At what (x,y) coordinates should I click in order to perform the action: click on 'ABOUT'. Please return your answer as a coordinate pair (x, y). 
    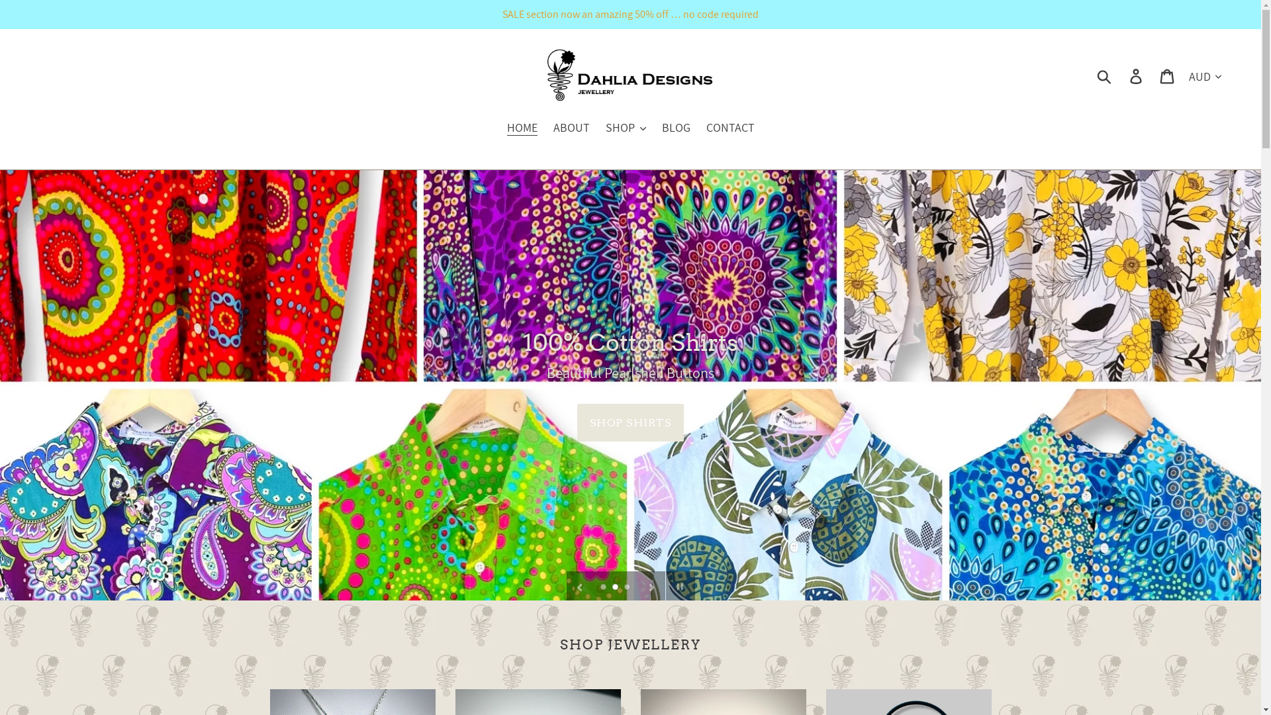
    Looking at the image, I should click on (571, 128).